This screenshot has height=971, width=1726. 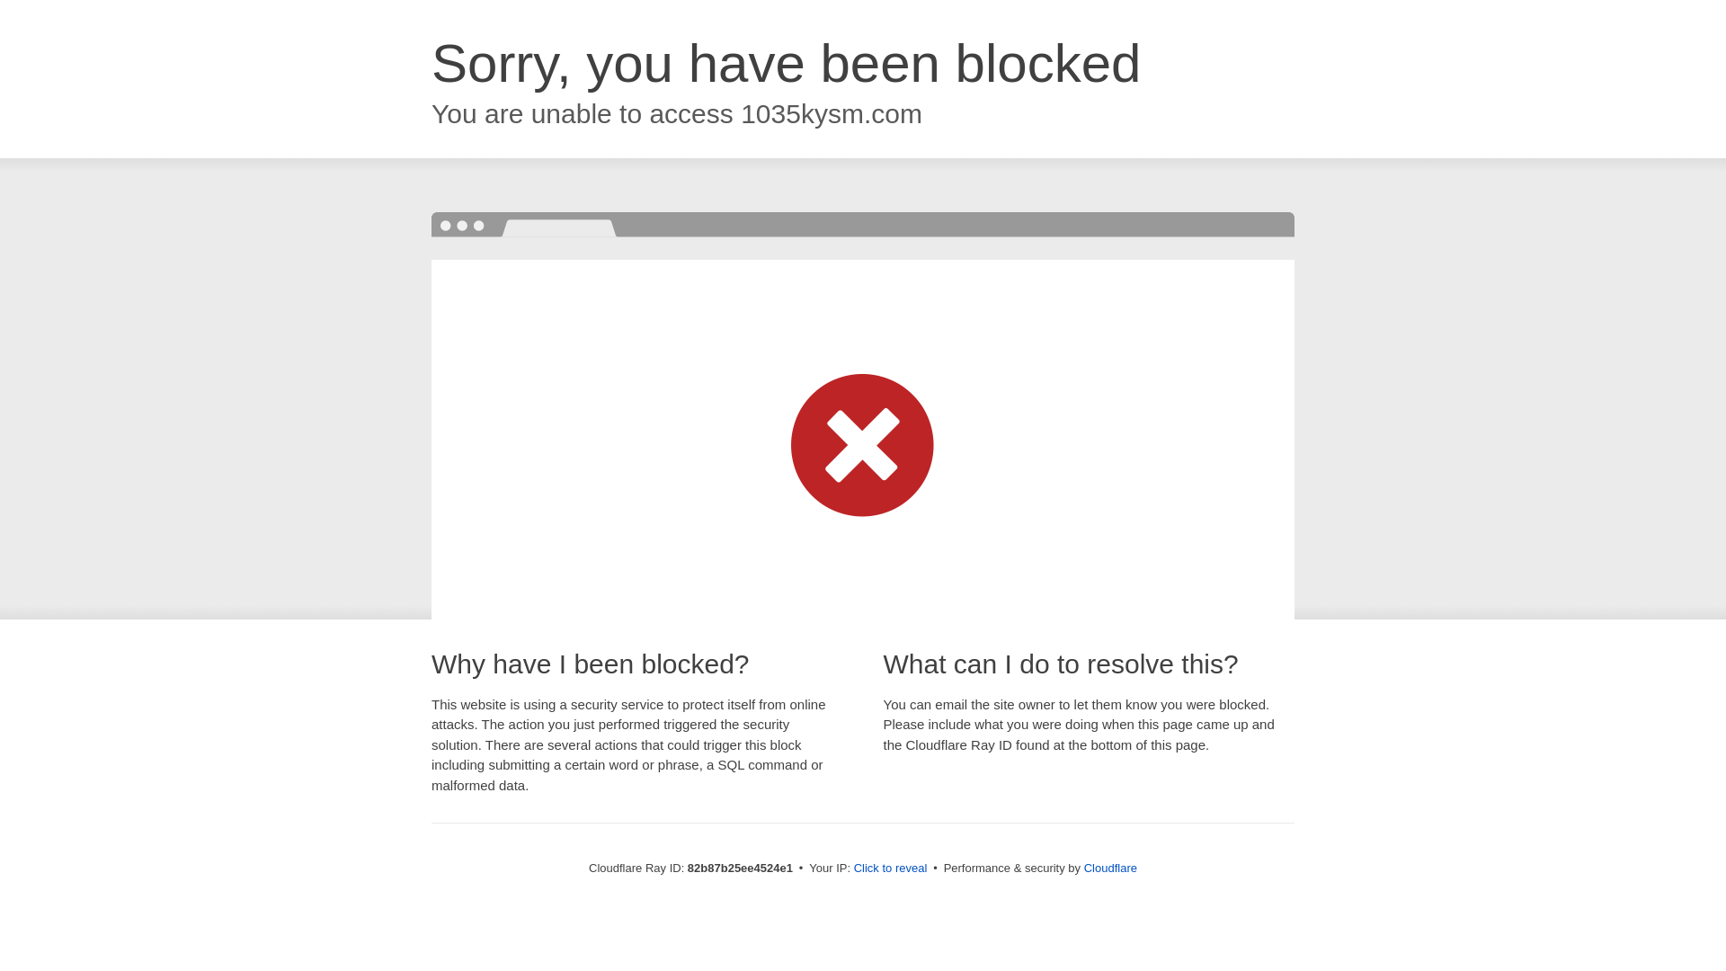 What do you see at coordinates (1109, 867) in the screenshot?
I see `'Cloudflare'` at bounding box center [1109, 867].